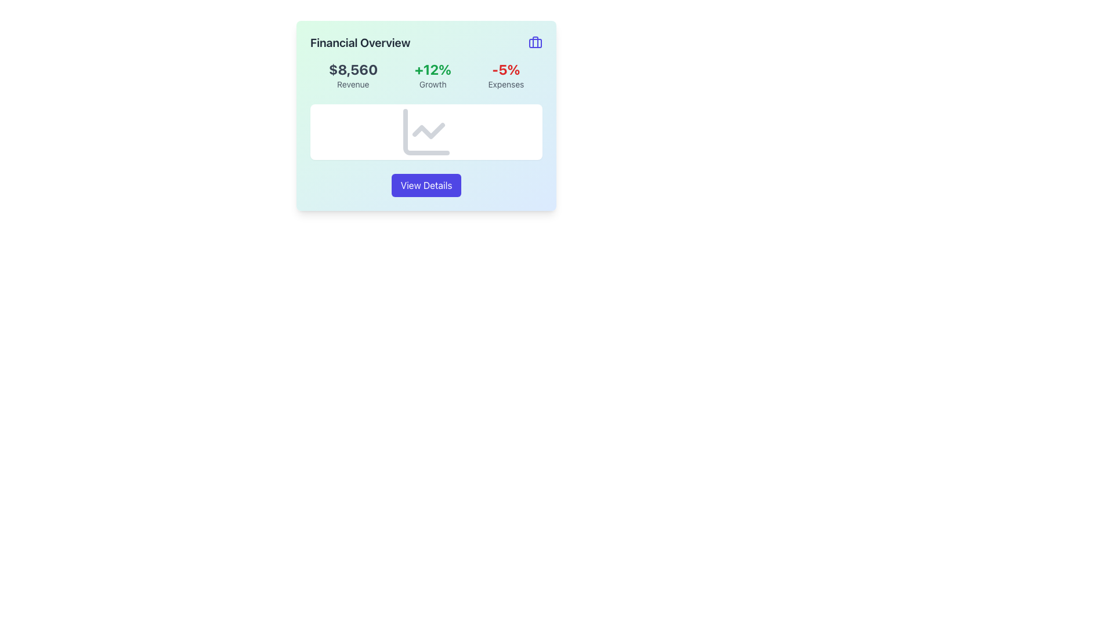  I want to click on the blue briefcase icon located at the top-right corner of the 'Financial Overview' section, so click(534, 42).